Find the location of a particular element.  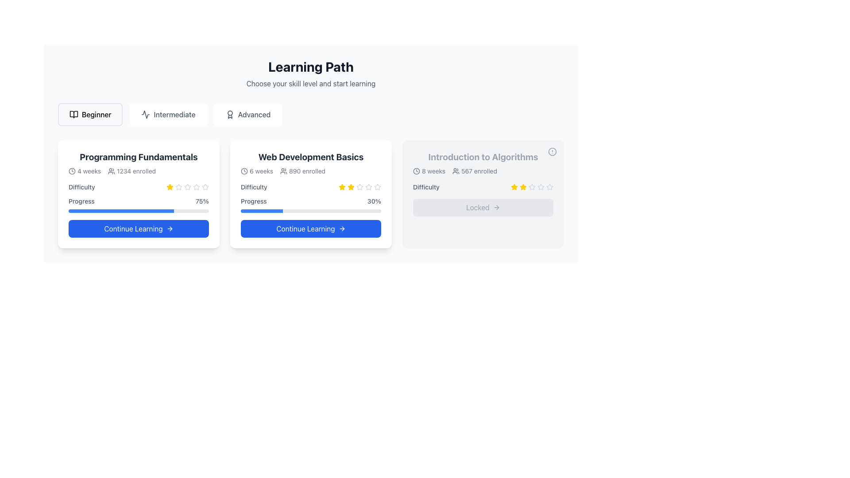

the second star icon in the difficulty rating row to rate the 'Web Development Basics' course is located at coordinates (369, 186).